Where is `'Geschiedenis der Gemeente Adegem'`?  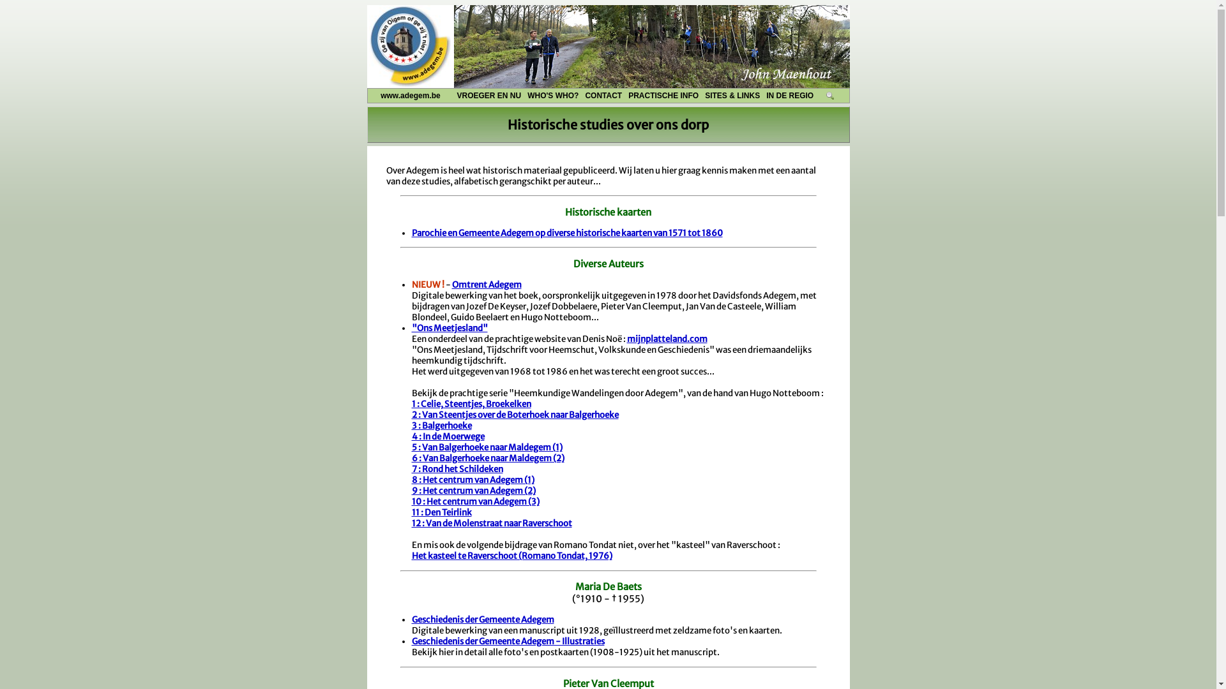
'Geschiedenis der Gemeente Adegem' is located at coordinates (481, 619).